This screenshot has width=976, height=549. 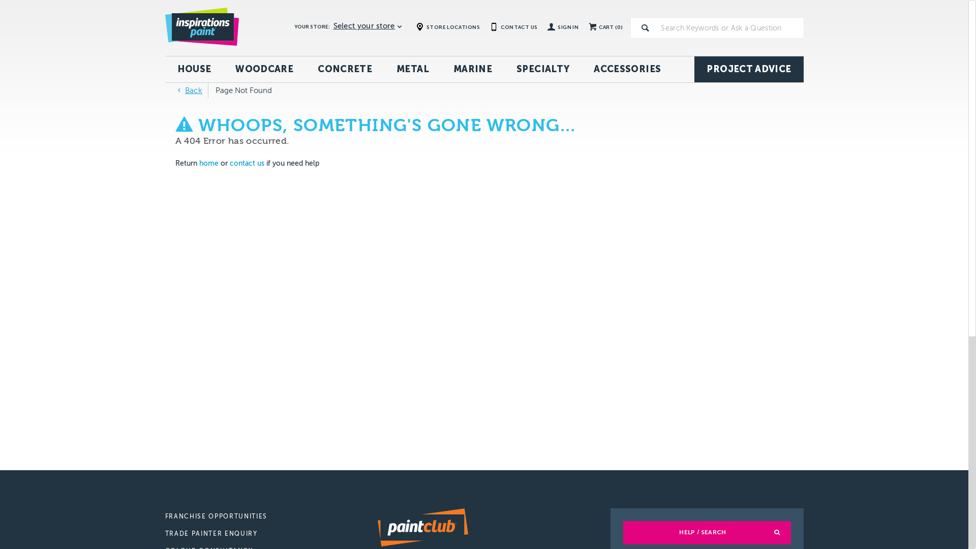 What do you see at coordinates (345, 69) in the screenshot?
I see `'CONCRETE'` at bounding box center [345, 69].